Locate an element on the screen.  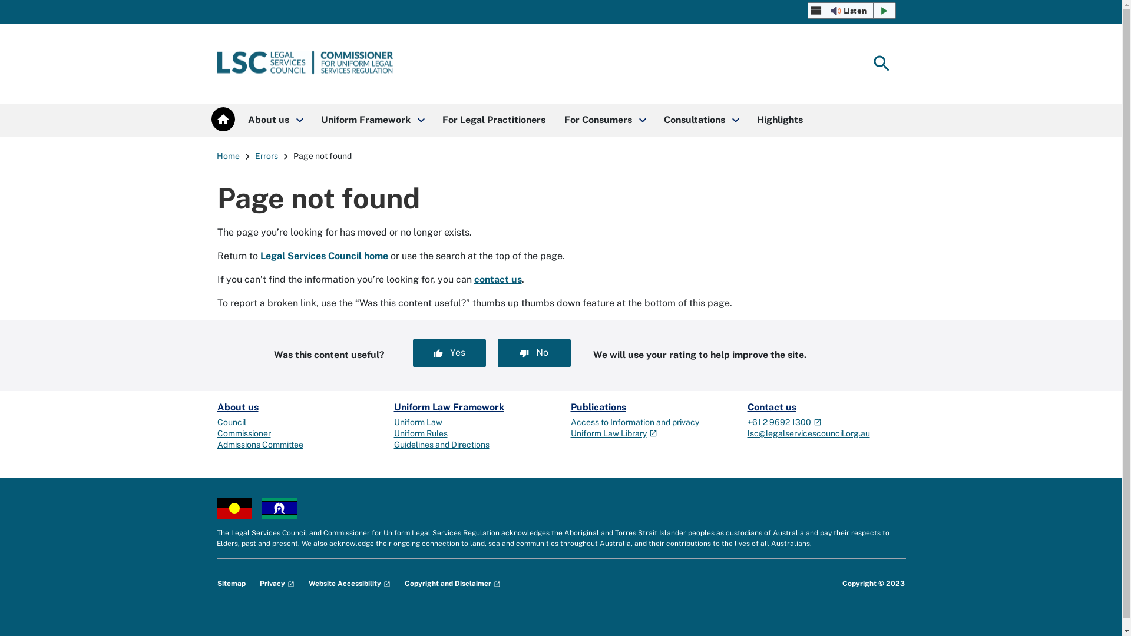
'Highlights' is located at coordinates (779, 120).